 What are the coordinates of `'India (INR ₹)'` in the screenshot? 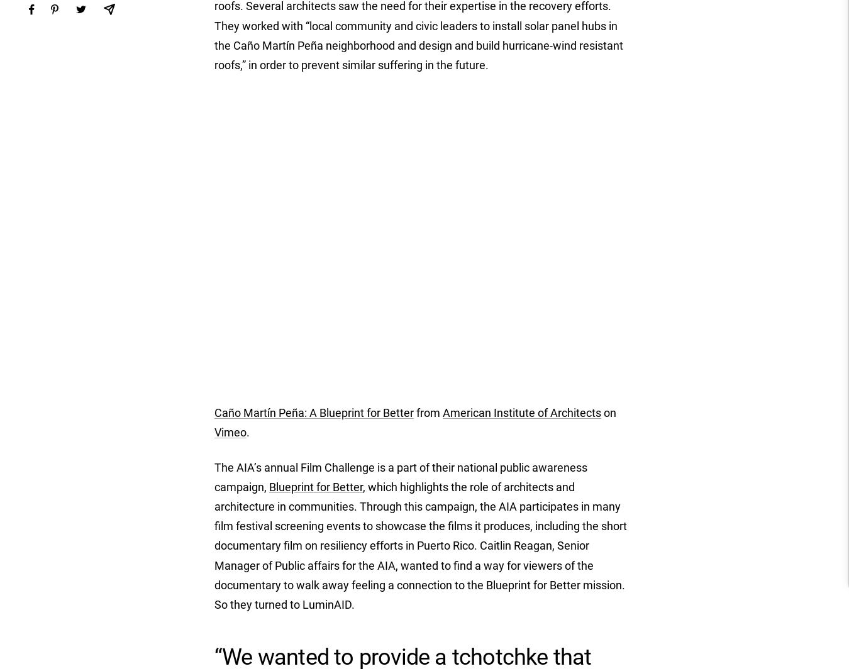 It's located at (604, 55).